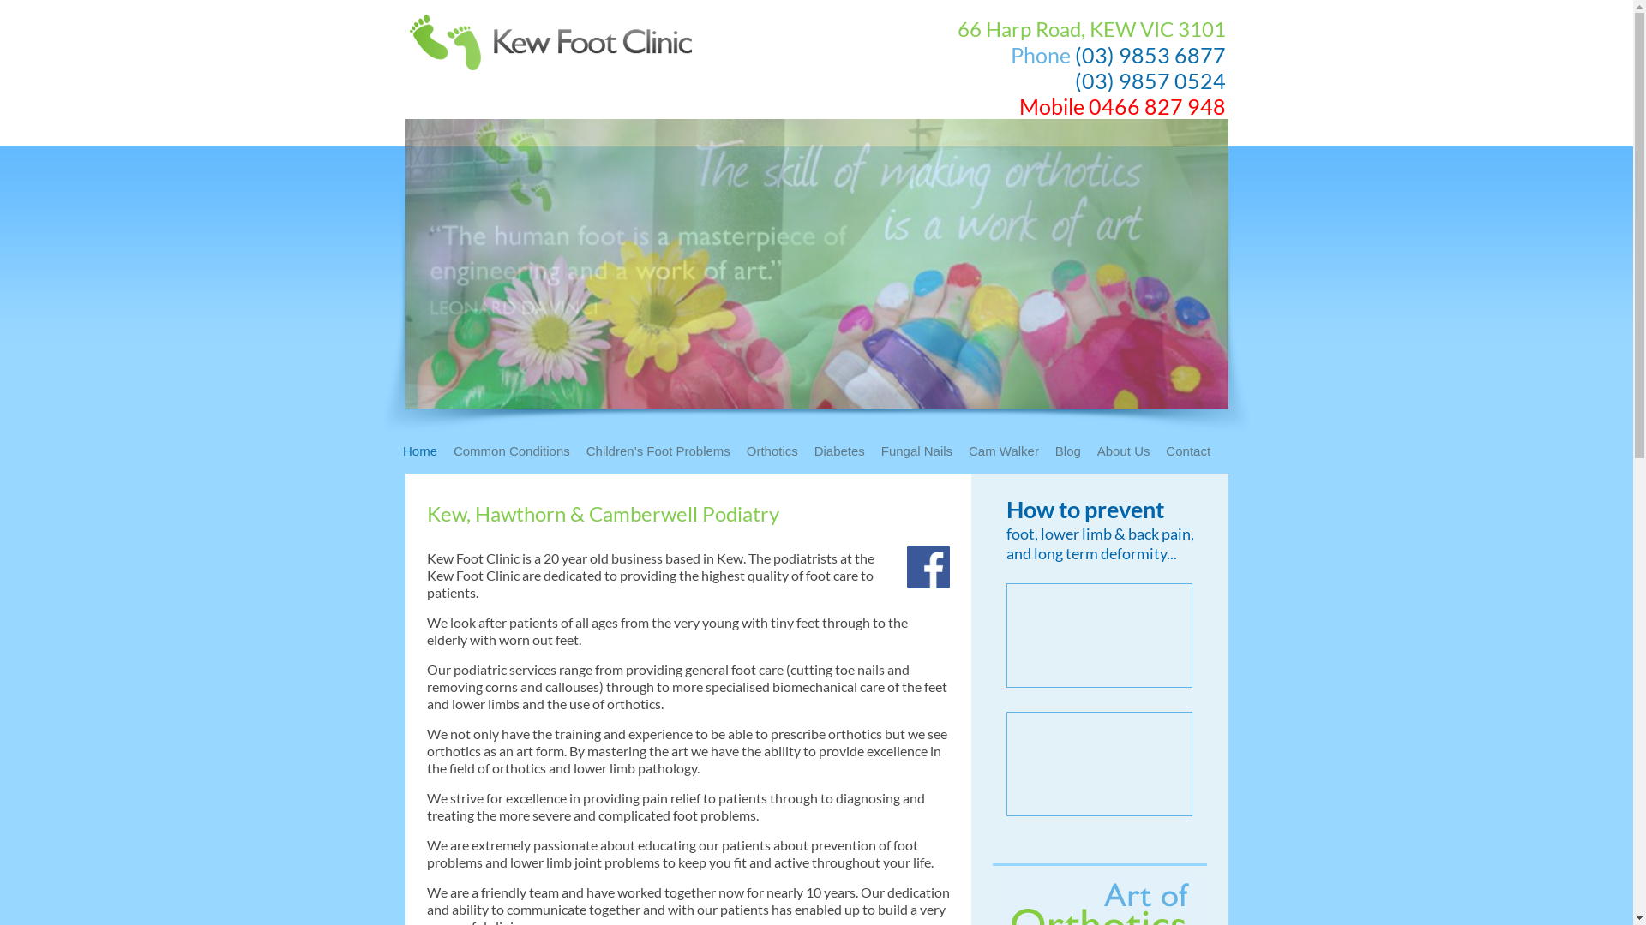  Describe the element at coordinates (426, 455) in the screenshot. I see `'Home'` at that location.